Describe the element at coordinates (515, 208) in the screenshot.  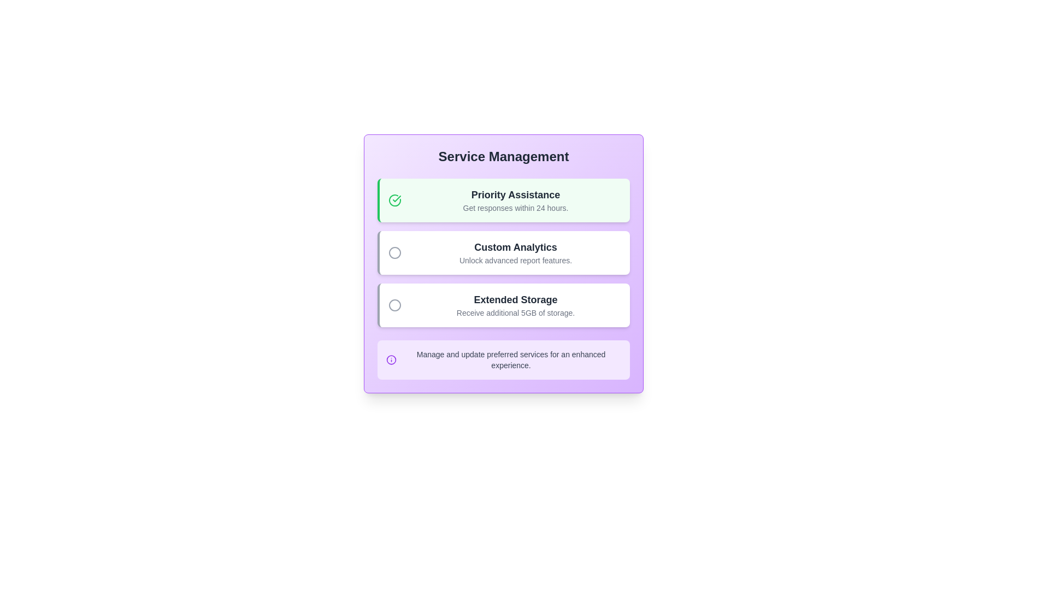
I see `the text label 'Get responses within 24 hours.' which provides additional information for the 'Priority Assistance' feature in the Service Management interface` at that location.